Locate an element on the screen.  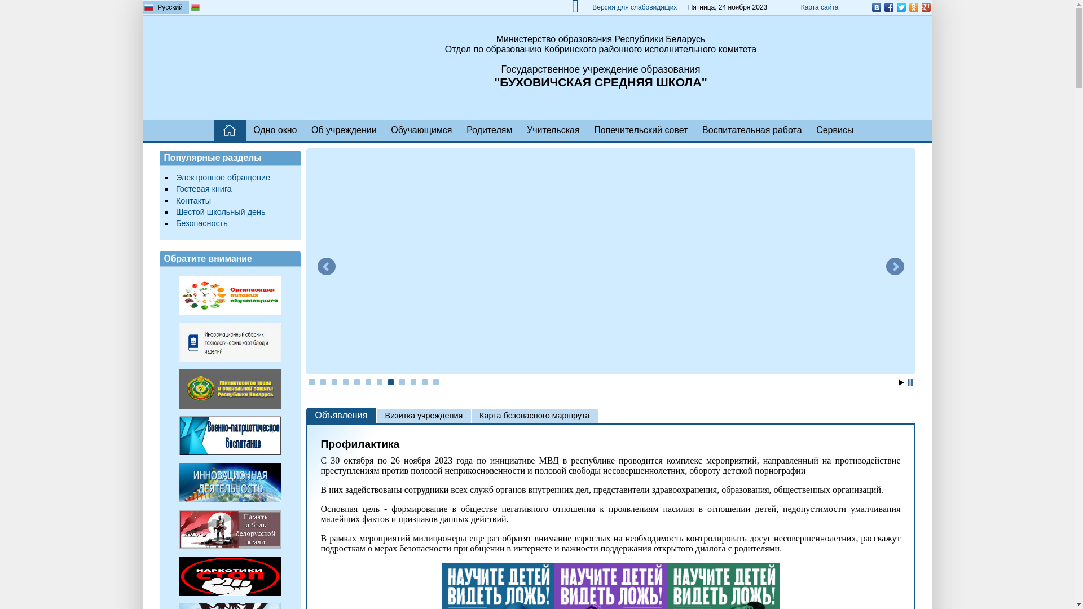
'9' is located at coordinates (402, 382).